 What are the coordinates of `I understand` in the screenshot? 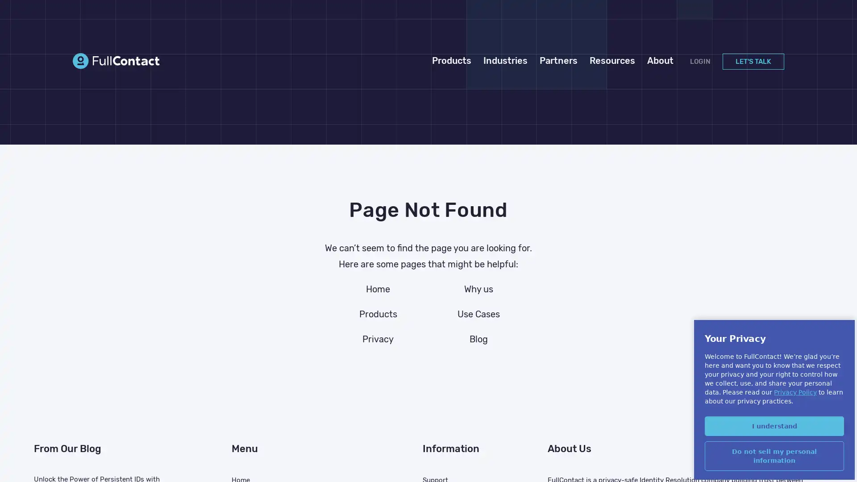 It's located at (774, 425).